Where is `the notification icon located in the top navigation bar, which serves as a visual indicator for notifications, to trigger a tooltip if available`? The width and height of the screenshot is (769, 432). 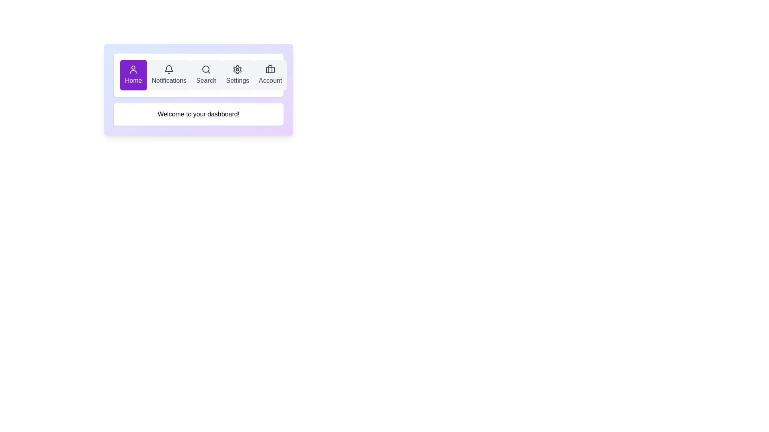 the notification icon located in the top navigation bar, which serves as a visual indicator for notifications, to trigger a tooltip if available is located at coordinates (169, 68).